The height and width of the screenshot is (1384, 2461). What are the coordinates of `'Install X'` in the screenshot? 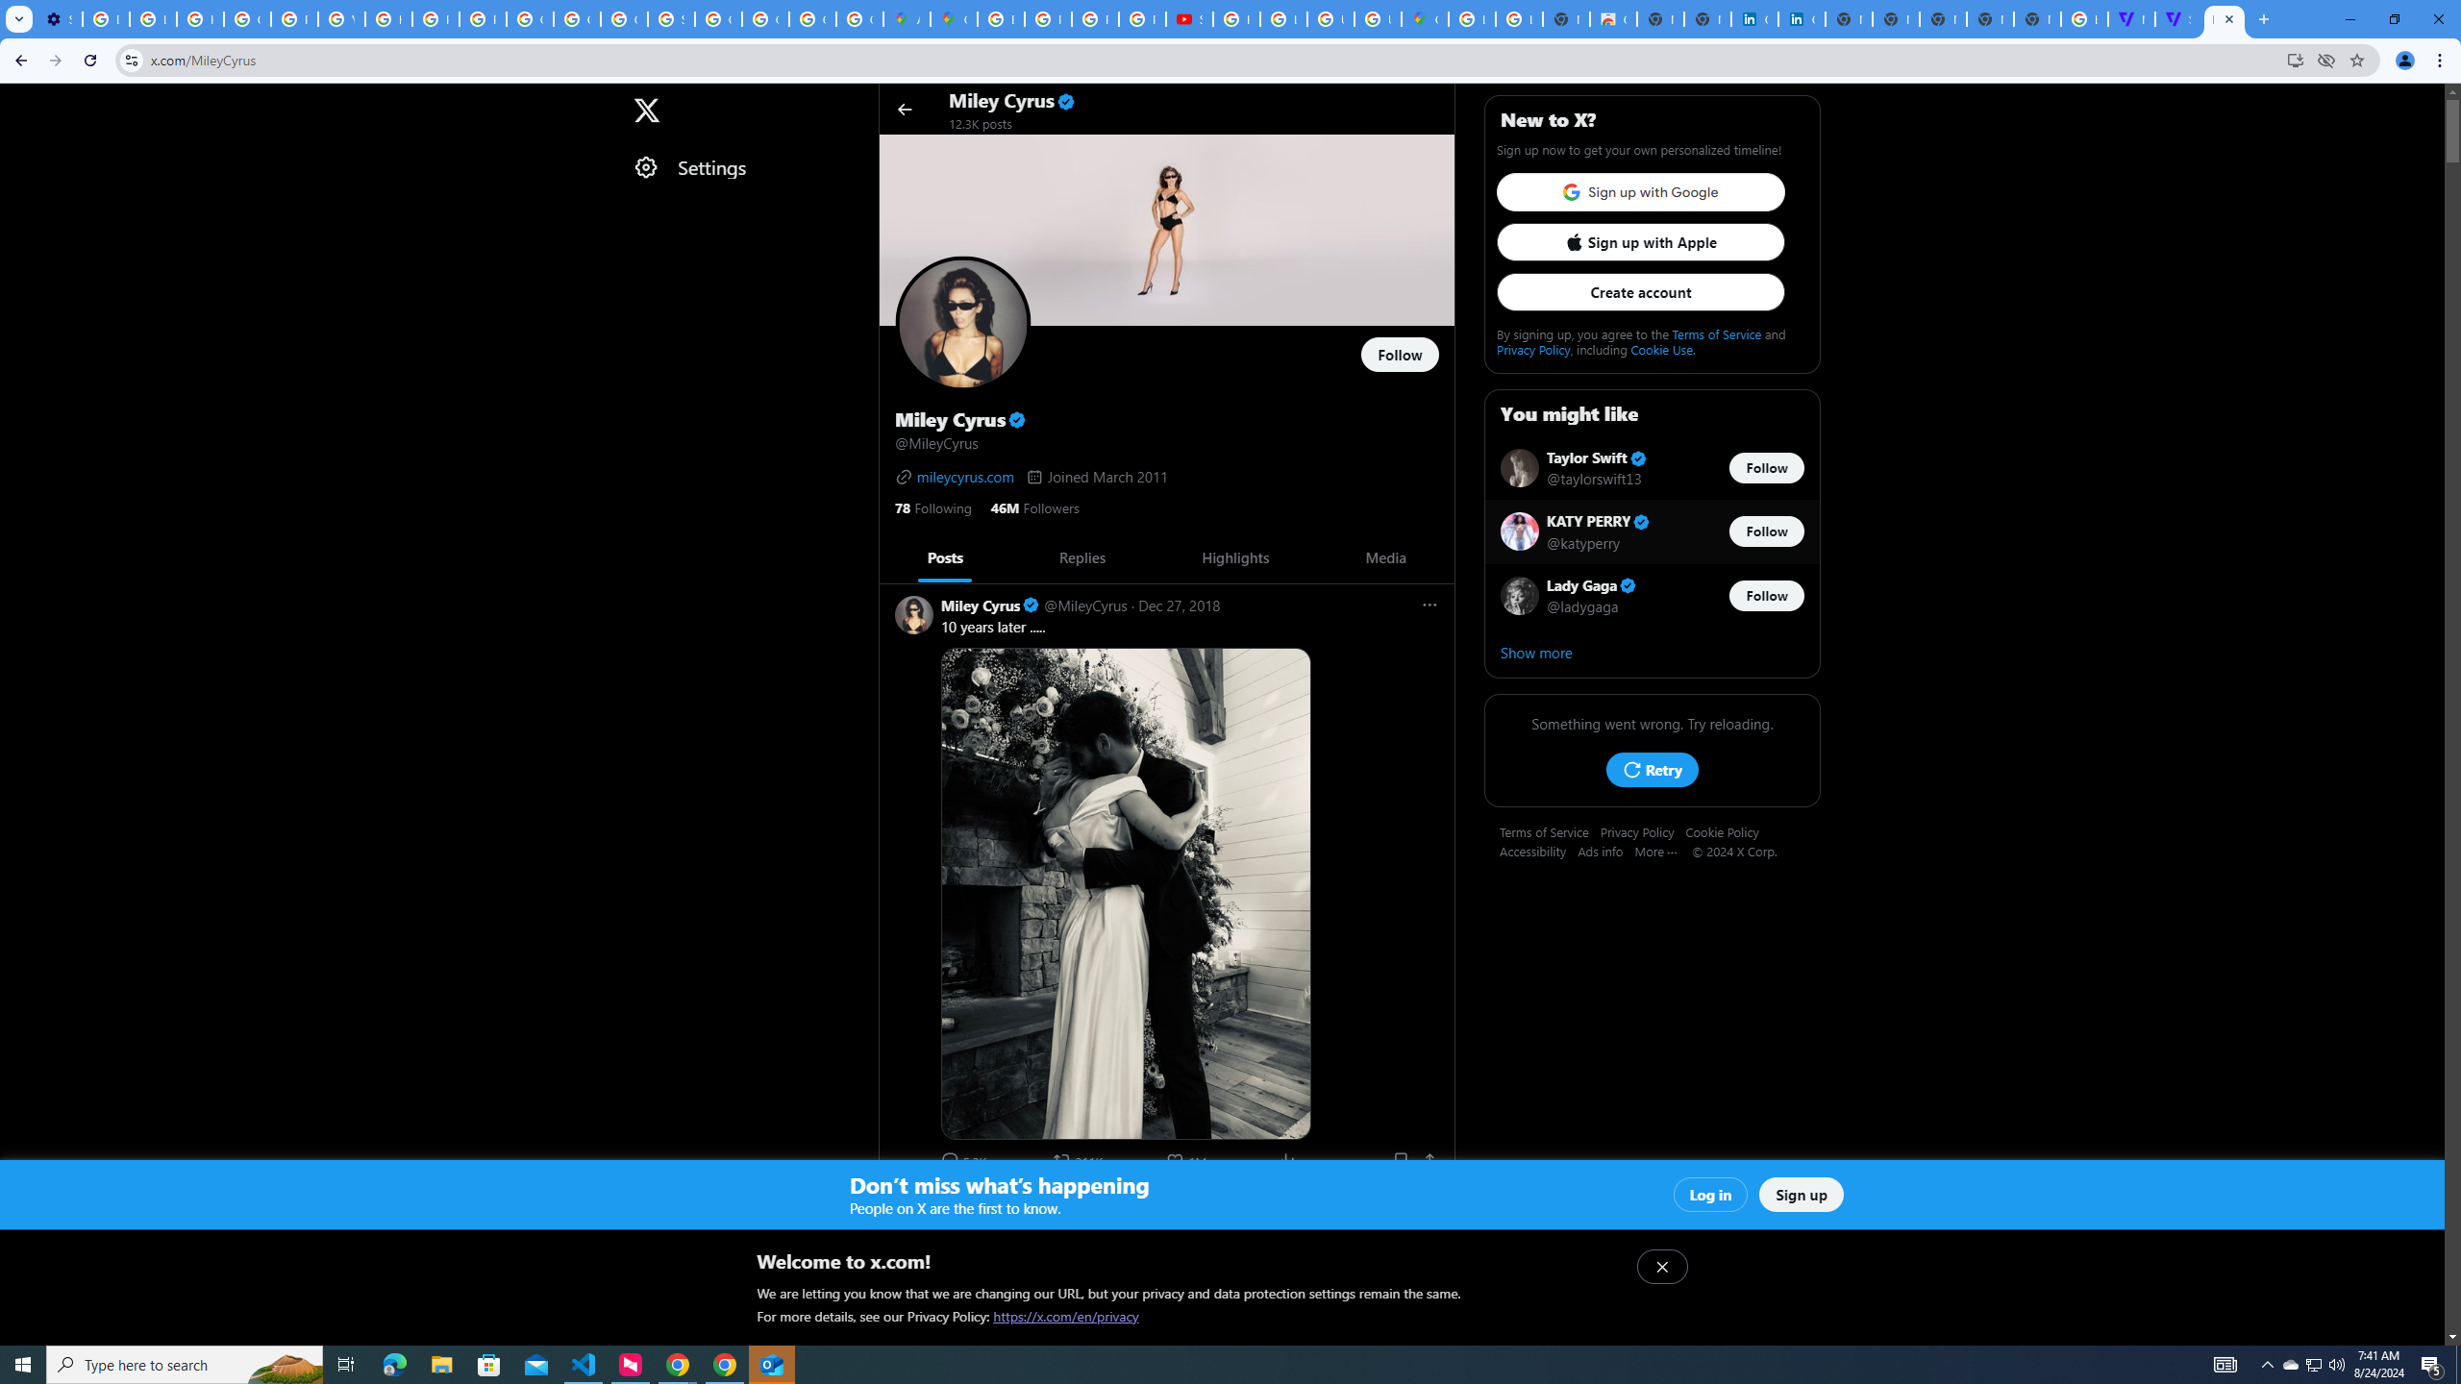 It's located at (2296, 59).